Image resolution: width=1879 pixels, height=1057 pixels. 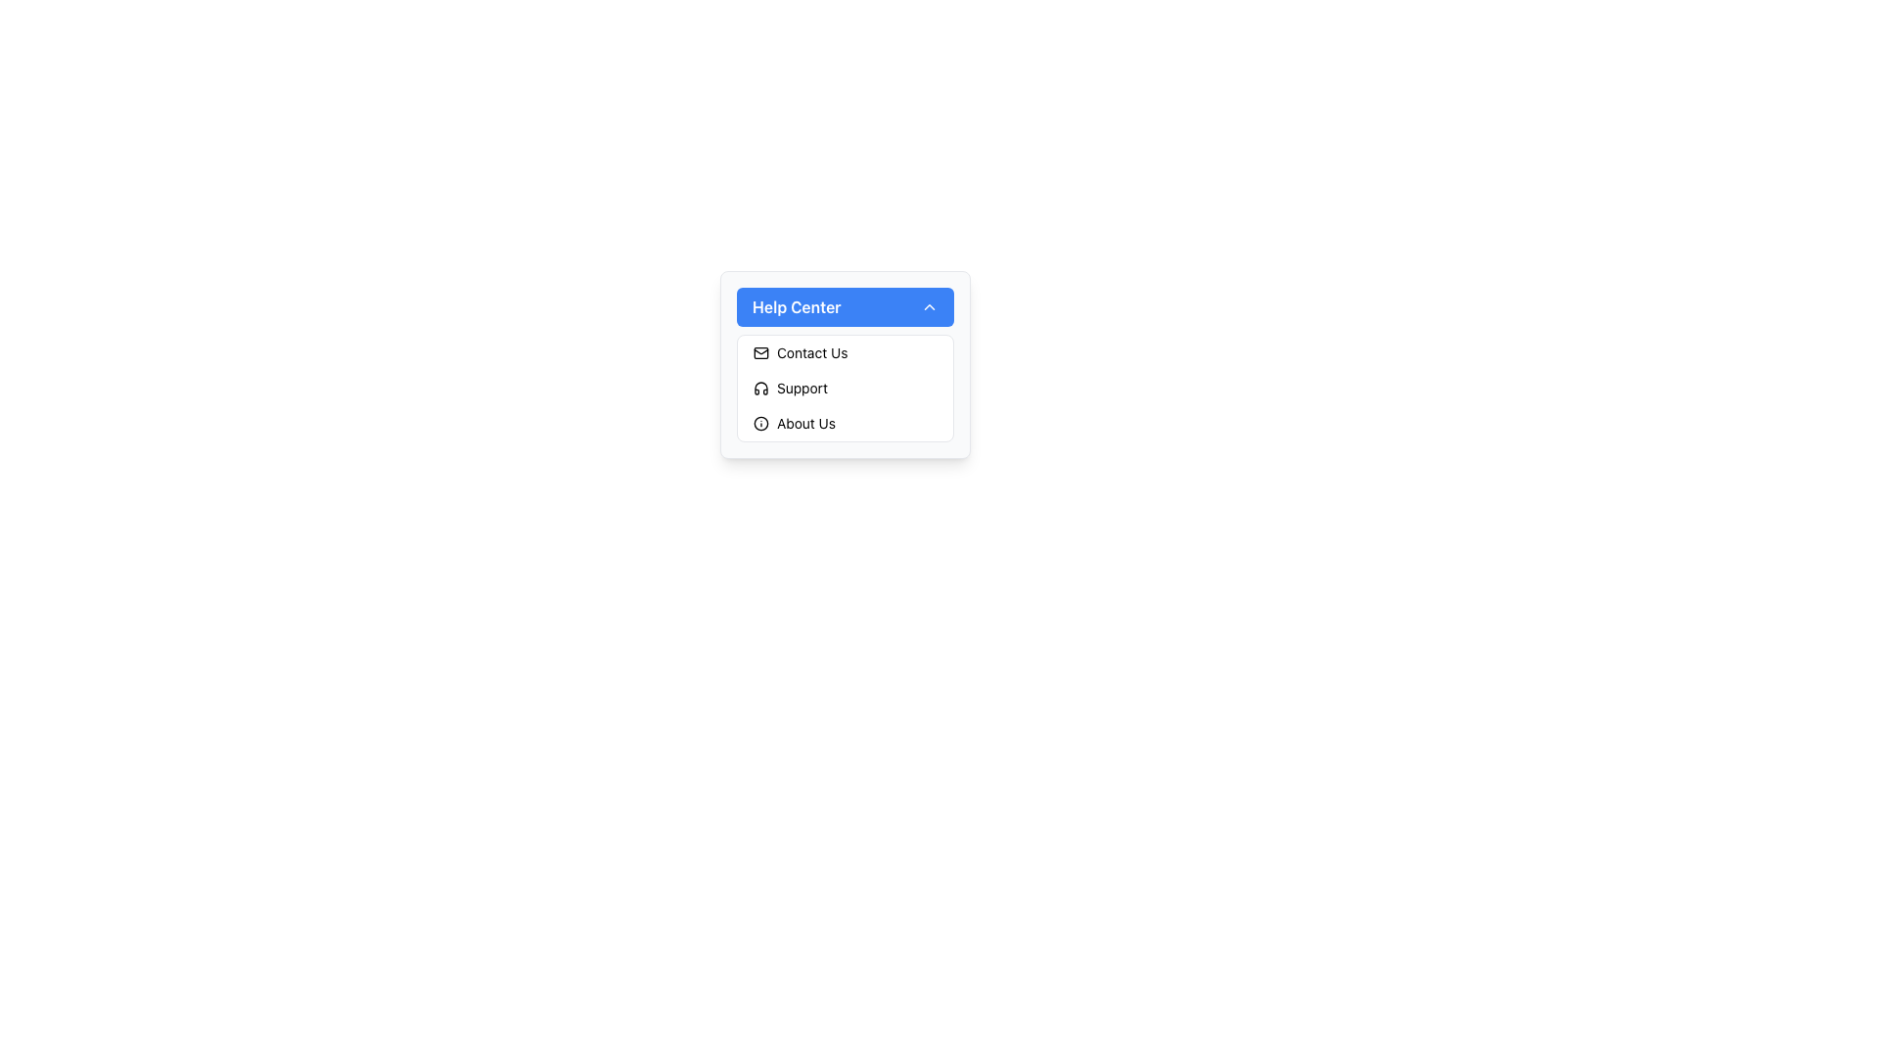 What do you see at coordinates (846, 365) in the screenshot?
I see `the light gray Dropdown menu containing options 'Contact Us', 'Support', and 'About Us'` at bounding box center [846, 365].